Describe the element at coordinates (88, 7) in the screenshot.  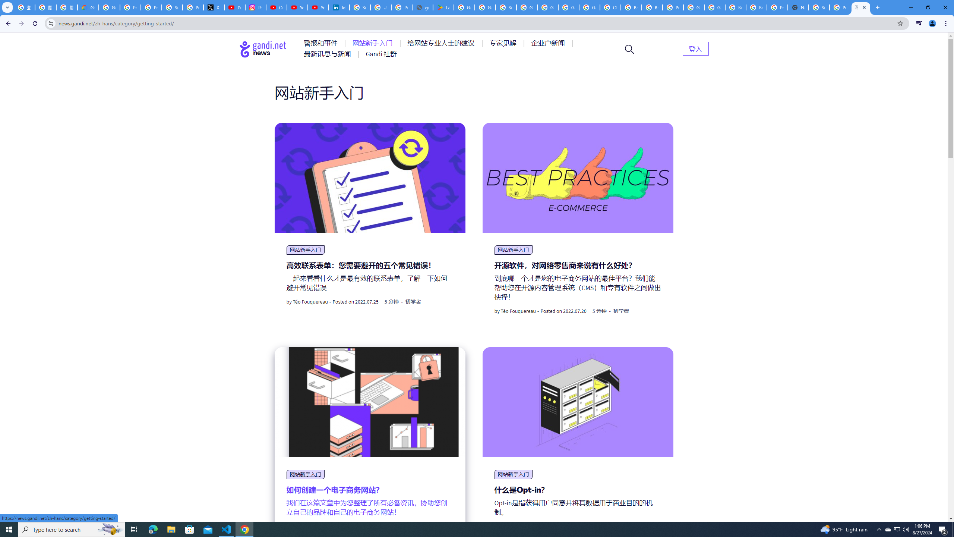
I see `'Google Cloud Privacy Notice'` at that location.